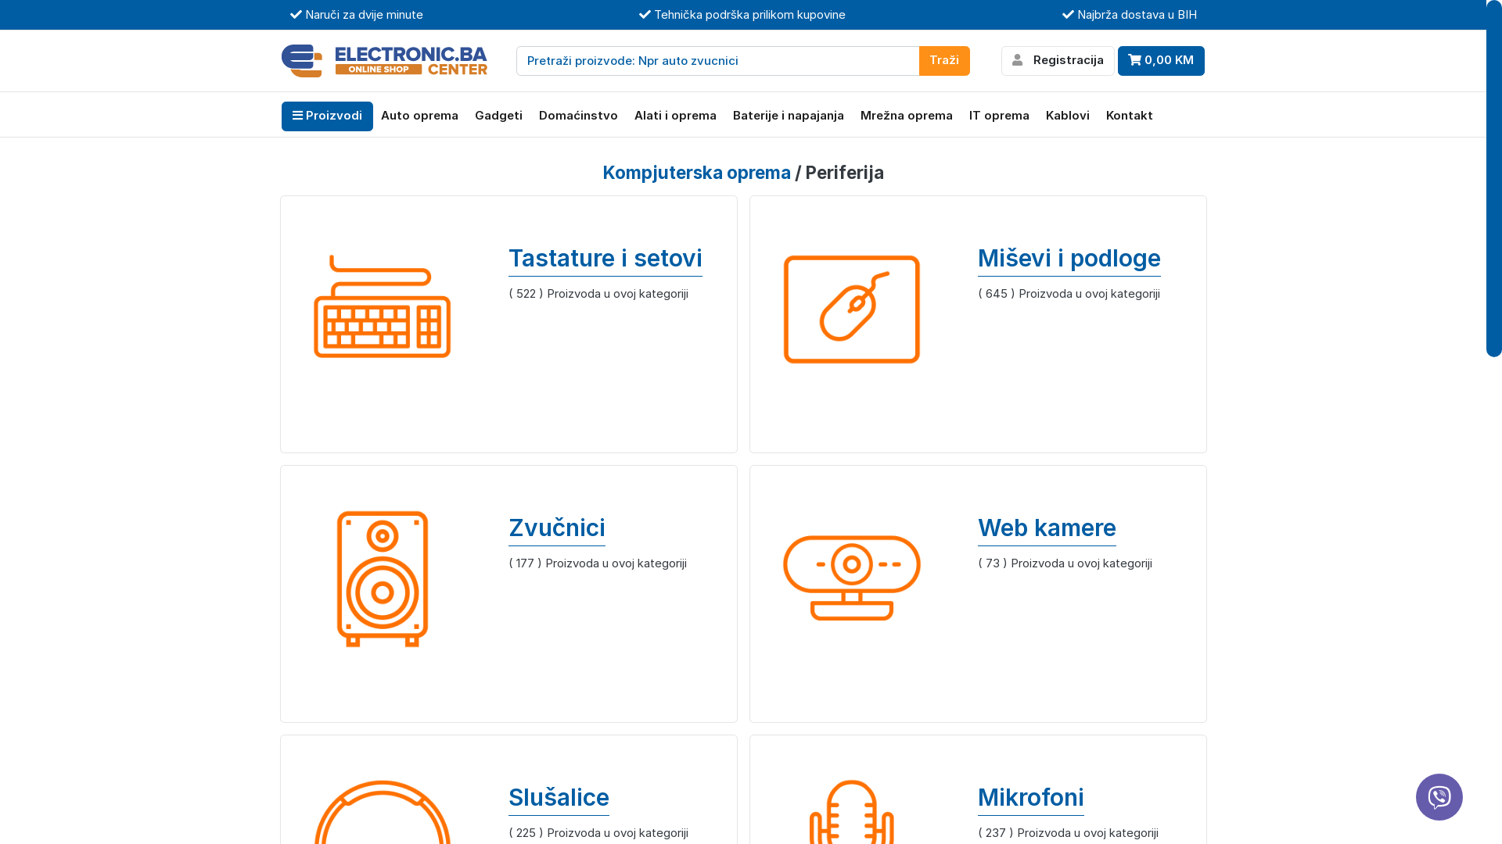 Image resolution: width=1502 pixels, height=844 pixels. What do you see at coordinates (1116, 59) in the screenshot?
I see `'0,00 KM'` at bounding box center [1116, 59].